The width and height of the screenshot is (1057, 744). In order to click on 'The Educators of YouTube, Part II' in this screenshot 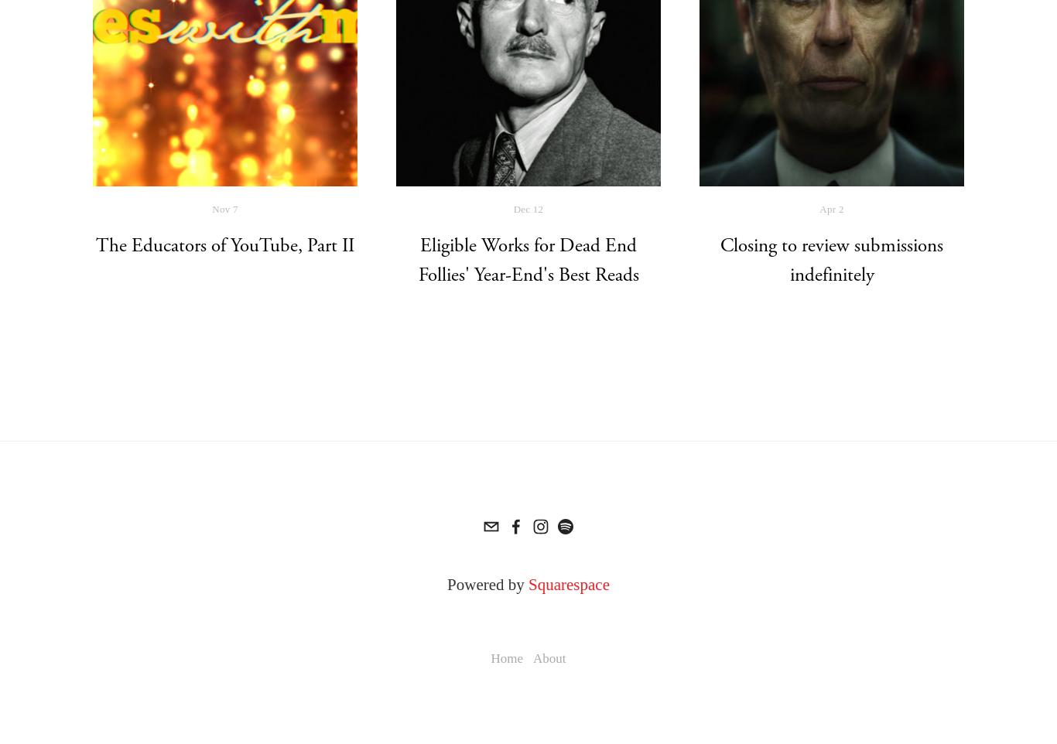, I will do `click(224, 245)`.